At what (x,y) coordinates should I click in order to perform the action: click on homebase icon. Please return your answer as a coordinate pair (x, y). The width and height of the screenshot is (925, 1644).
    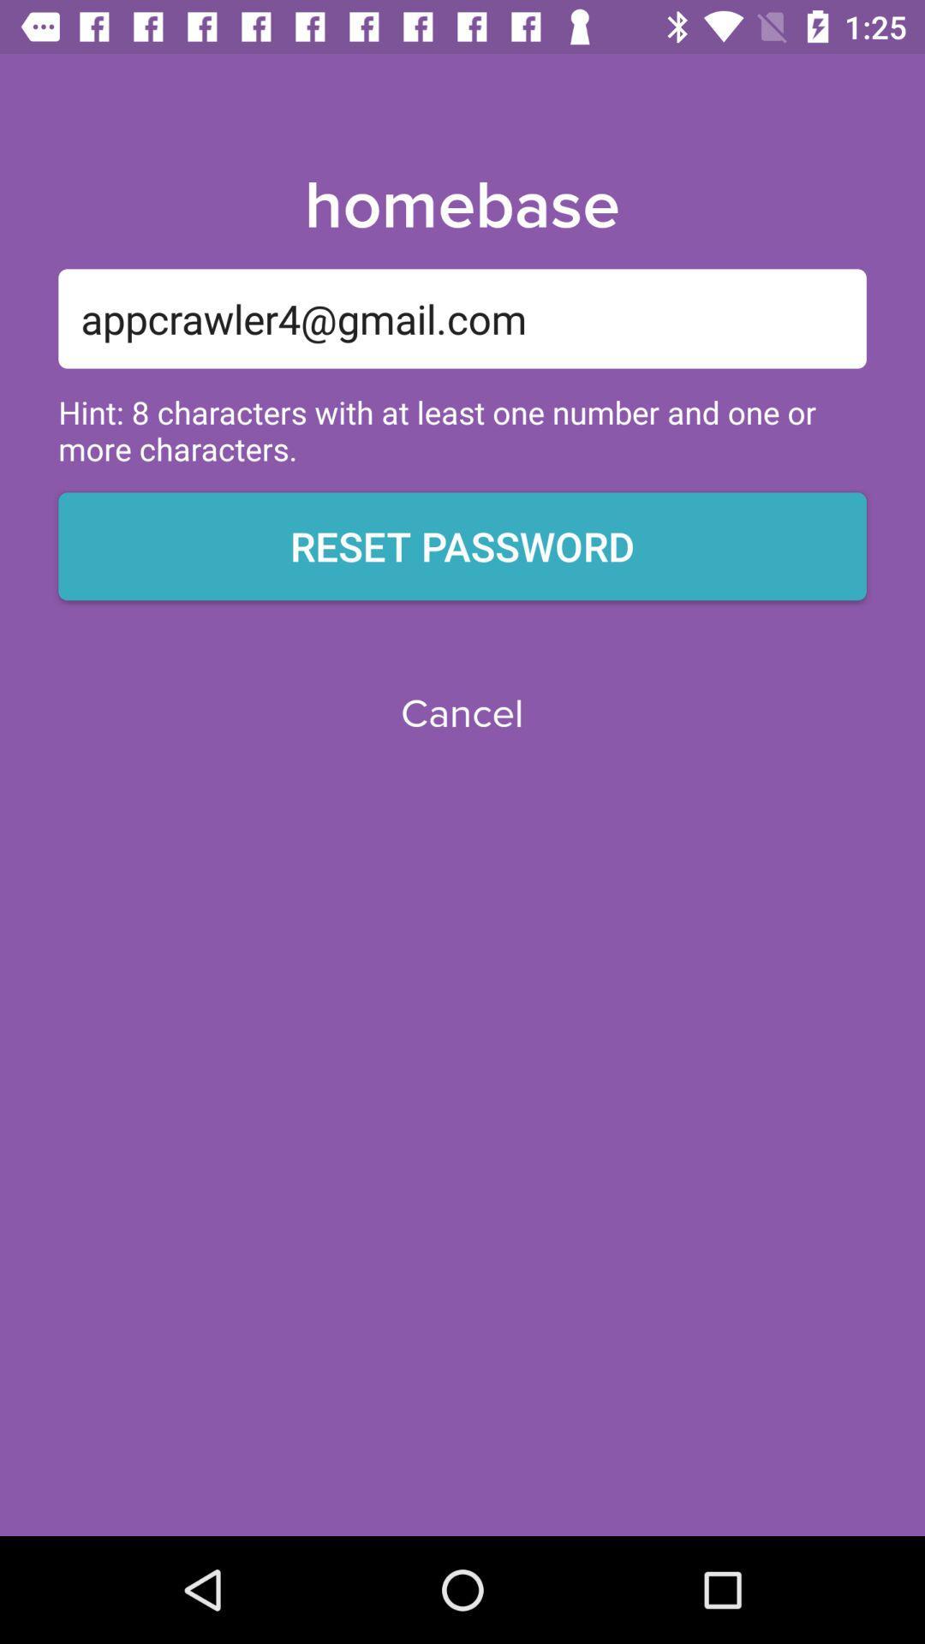
    Looking at the image, I should click on (461, 205).